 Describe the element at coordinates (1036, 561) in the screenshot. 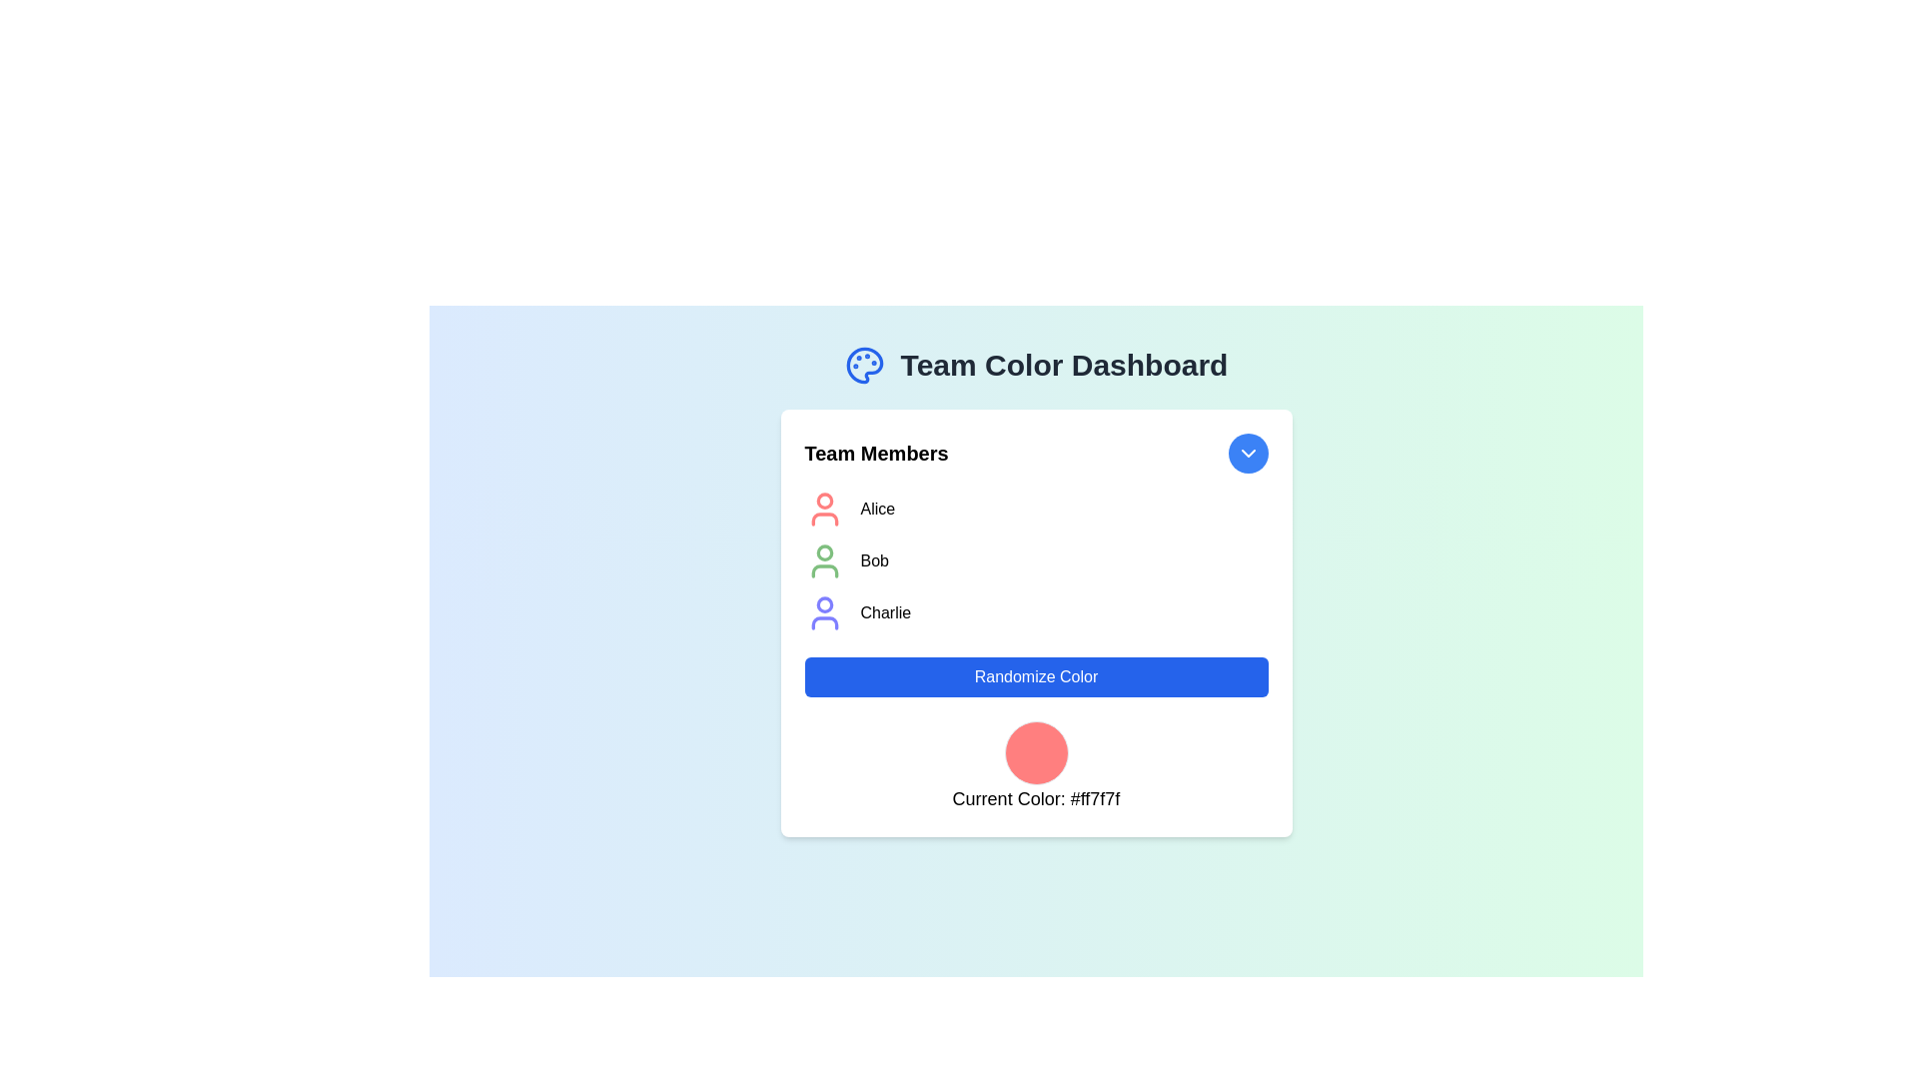

I see `a team member's name in the centrally located list under the 'Team Members' section to interact` at that location.